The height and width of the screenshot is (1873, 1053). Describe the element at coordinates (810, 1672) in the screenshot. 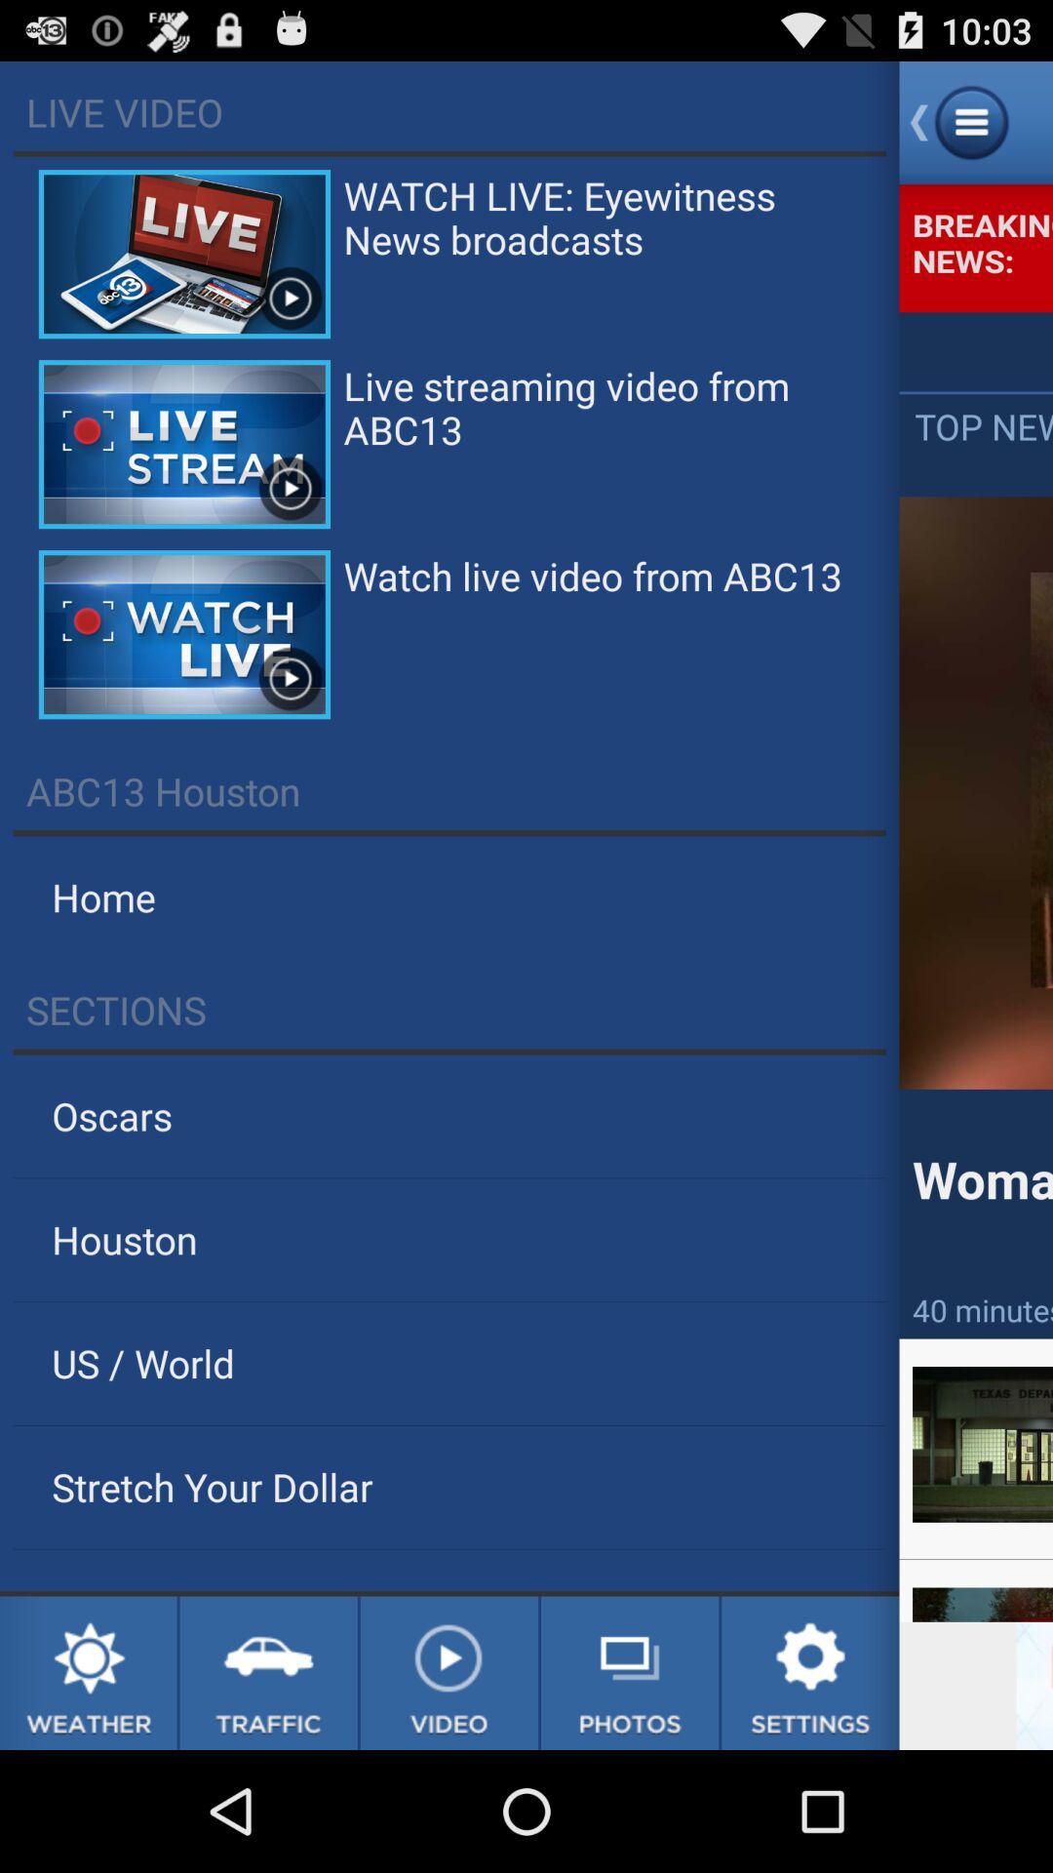

I see `option right to photos option` at that location.